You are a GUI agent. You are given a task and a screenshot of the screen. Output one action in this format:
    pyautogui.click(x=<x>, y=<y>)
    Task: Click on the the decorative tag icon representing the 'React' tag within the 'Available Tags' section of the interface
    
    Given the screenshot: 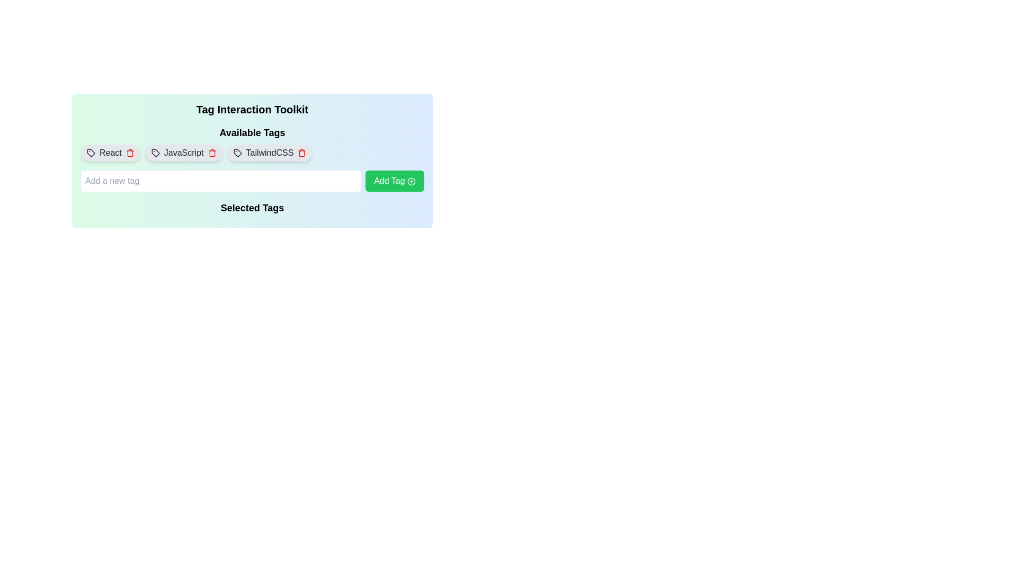 What is the action you would take?
    pyautogui.click(x=91, y=153)
    